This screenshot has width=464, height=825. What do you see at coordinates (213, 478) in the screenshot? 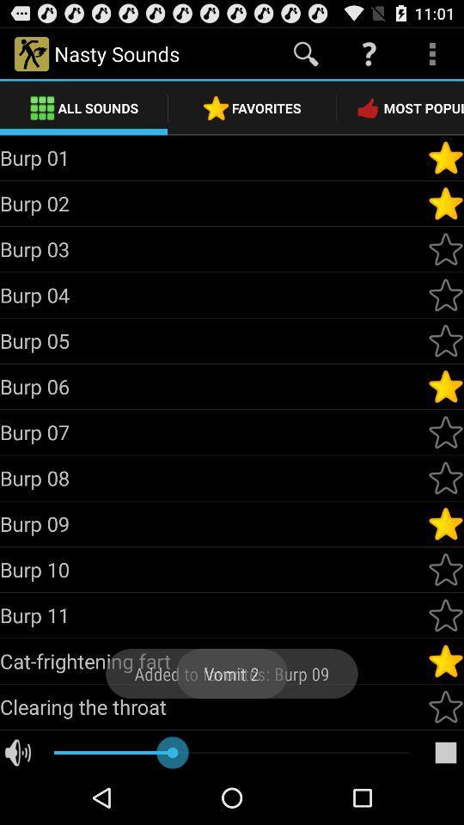
I see `the burp 08 icon` at bounding box center [213, 478].